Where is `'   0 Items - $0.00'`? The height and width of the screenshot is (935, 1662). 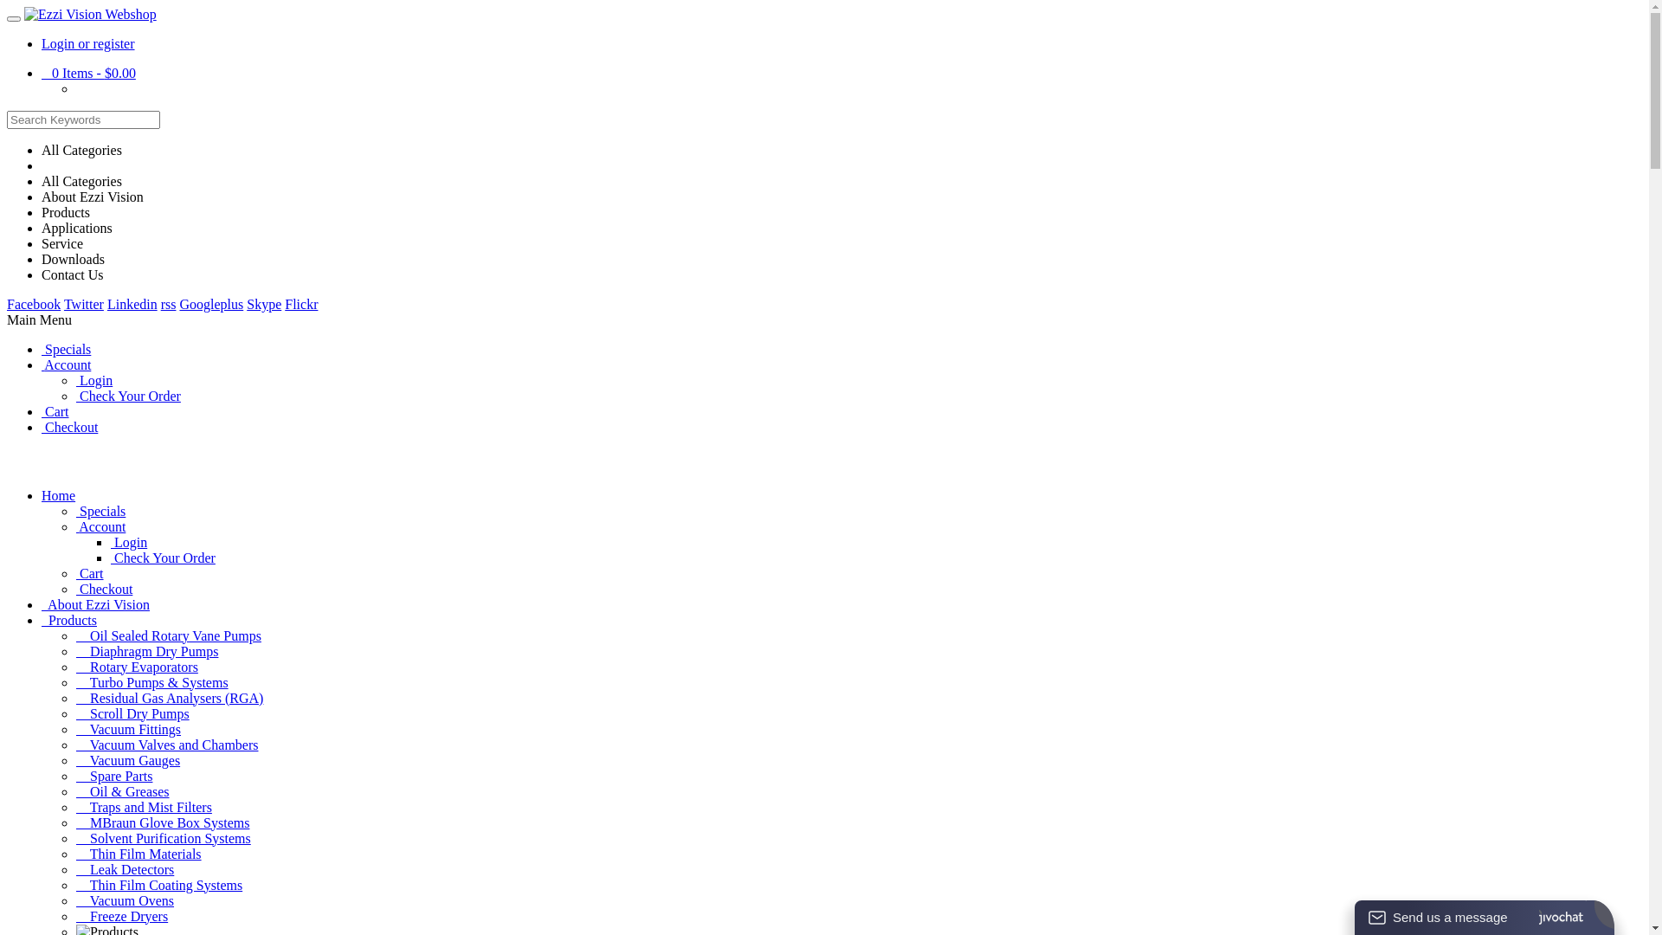
'   0 Items - $0.00' is located at coordinates (87, 72).